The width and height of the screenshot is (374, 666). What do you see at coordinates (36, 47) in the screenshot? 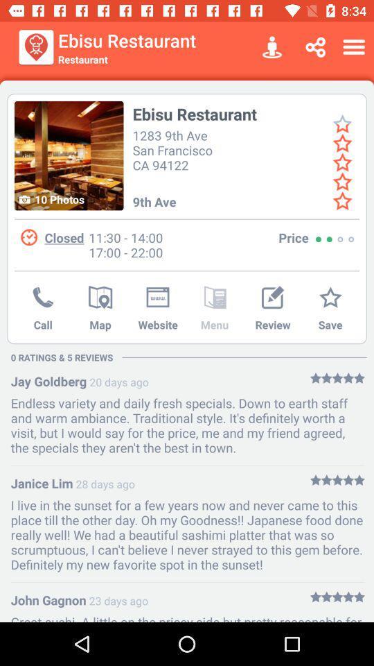
I see `item next to the ebisu restaurant` at bounding box center [36, 47].